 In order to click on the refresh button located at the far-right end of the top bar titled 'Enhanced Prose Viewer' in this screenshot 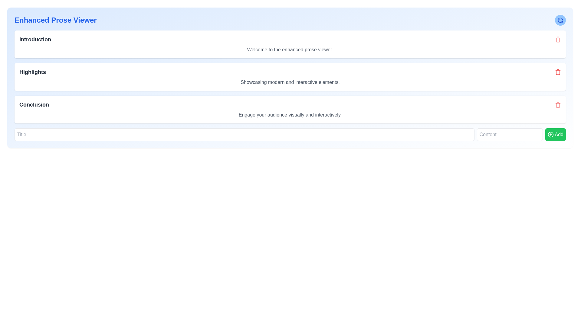, I will do `click(560, 20)`.